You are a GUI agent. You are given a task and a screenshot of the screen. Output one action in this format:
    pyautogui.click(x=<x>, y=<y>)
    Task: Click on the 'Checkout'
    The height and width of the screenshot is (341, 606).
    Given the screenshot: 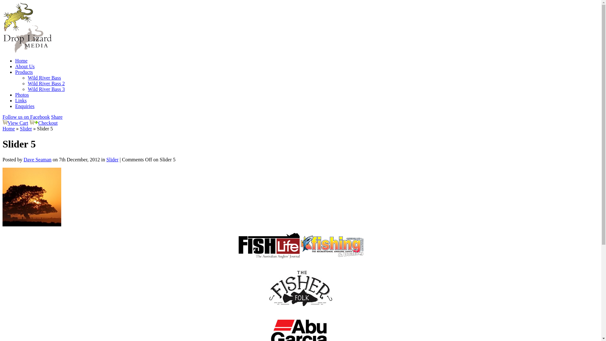 What is the action you would take?
    pyautogui.click(x=47, y=123)
    